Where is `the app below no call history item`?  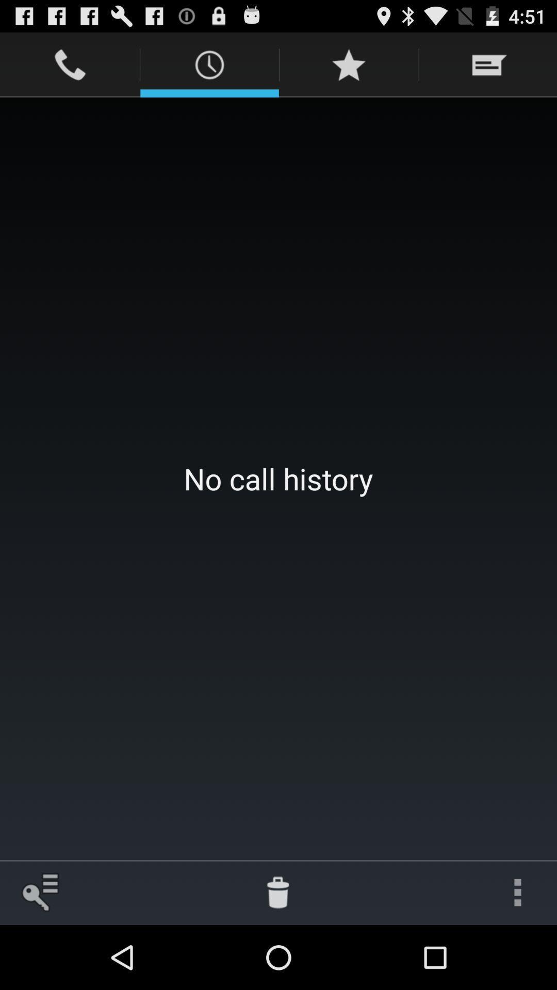 the app below no call history item is located at coordinates (277, 892).